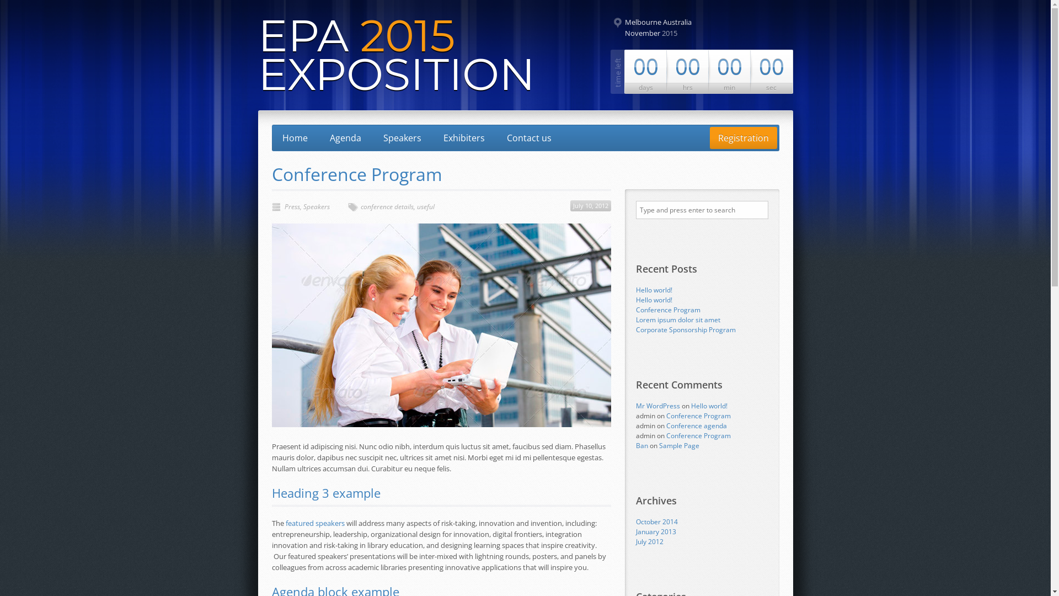  Describe the element at coordinates (657, 406) in the screenshot. I see `'Mr WordPress'` at that location.